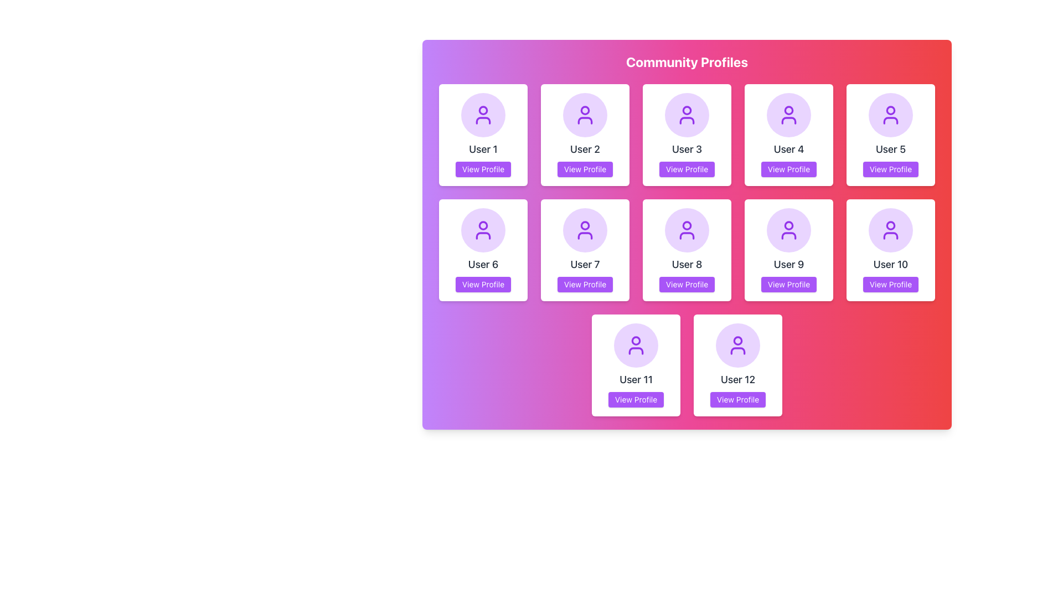  Describe the element at coordinates (788, 230) in the screenshot. I see `the user profile icon representing 'User 9' located in the third row, second column of the user profile grid` at that location.